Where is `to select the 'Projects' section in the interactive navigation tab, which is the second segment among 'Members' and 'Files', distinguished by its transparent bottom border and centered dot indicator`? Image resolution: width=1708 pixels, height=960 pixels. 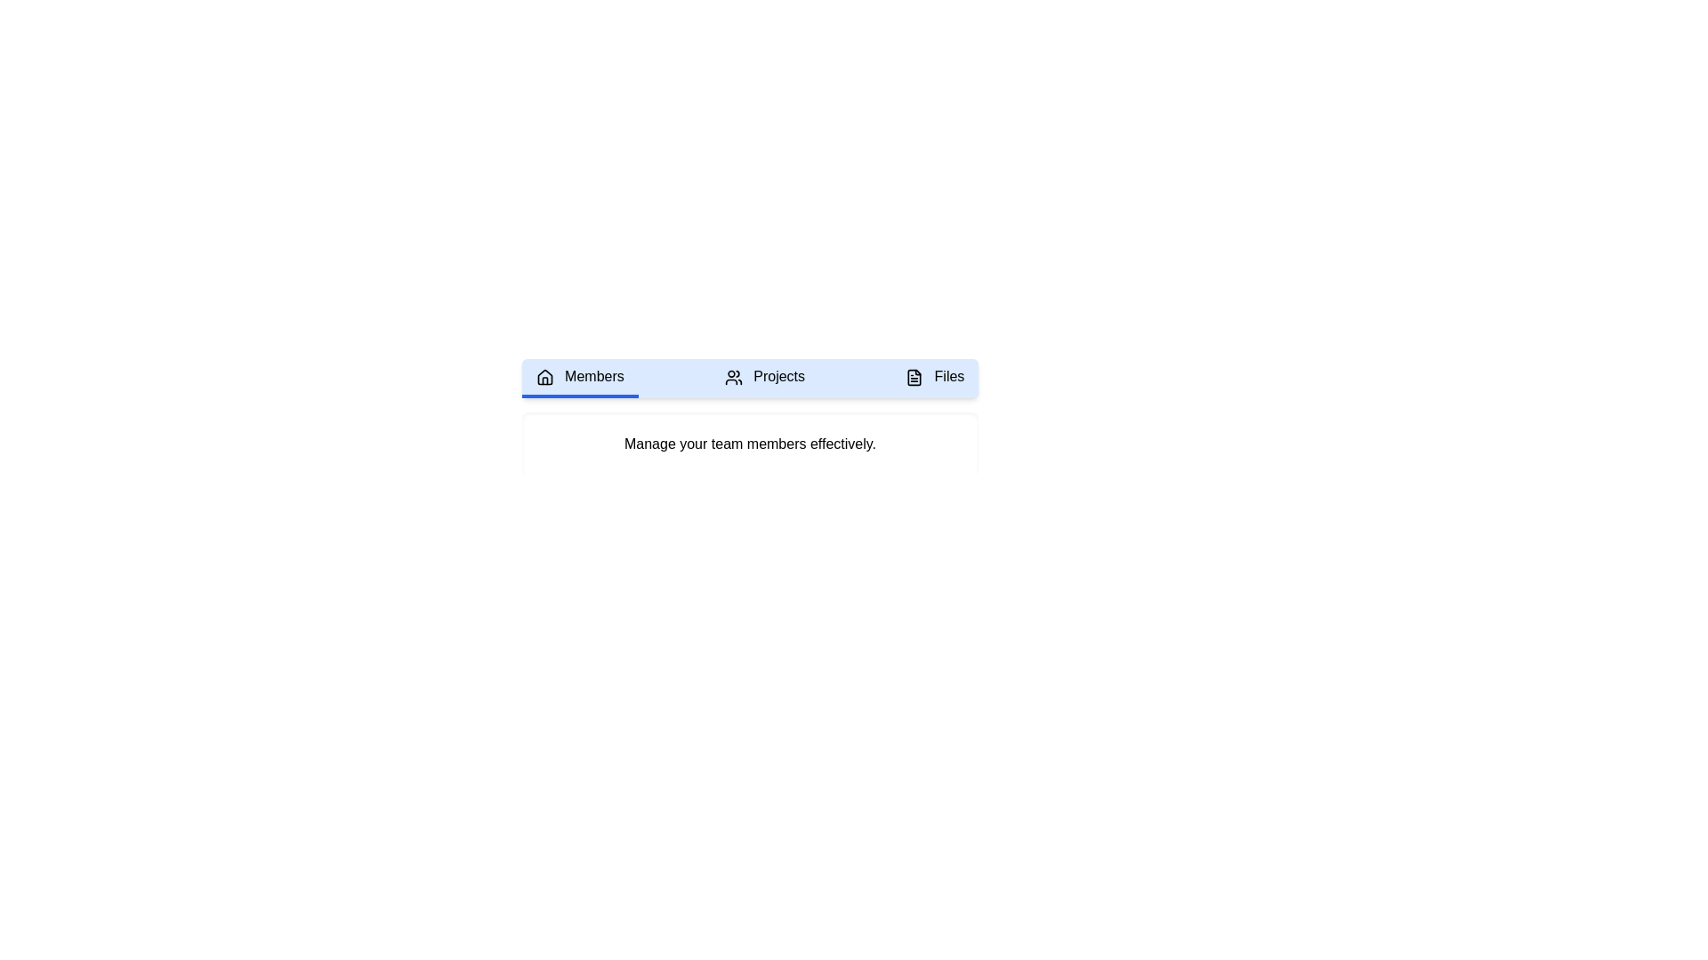 to select the 'Projects' section in the interactive navigation tab, which is the second segment among 'Members' and 'Files', distinguished by its transparent bottom border and centered dot indicator is located at coordinates (750, 377).